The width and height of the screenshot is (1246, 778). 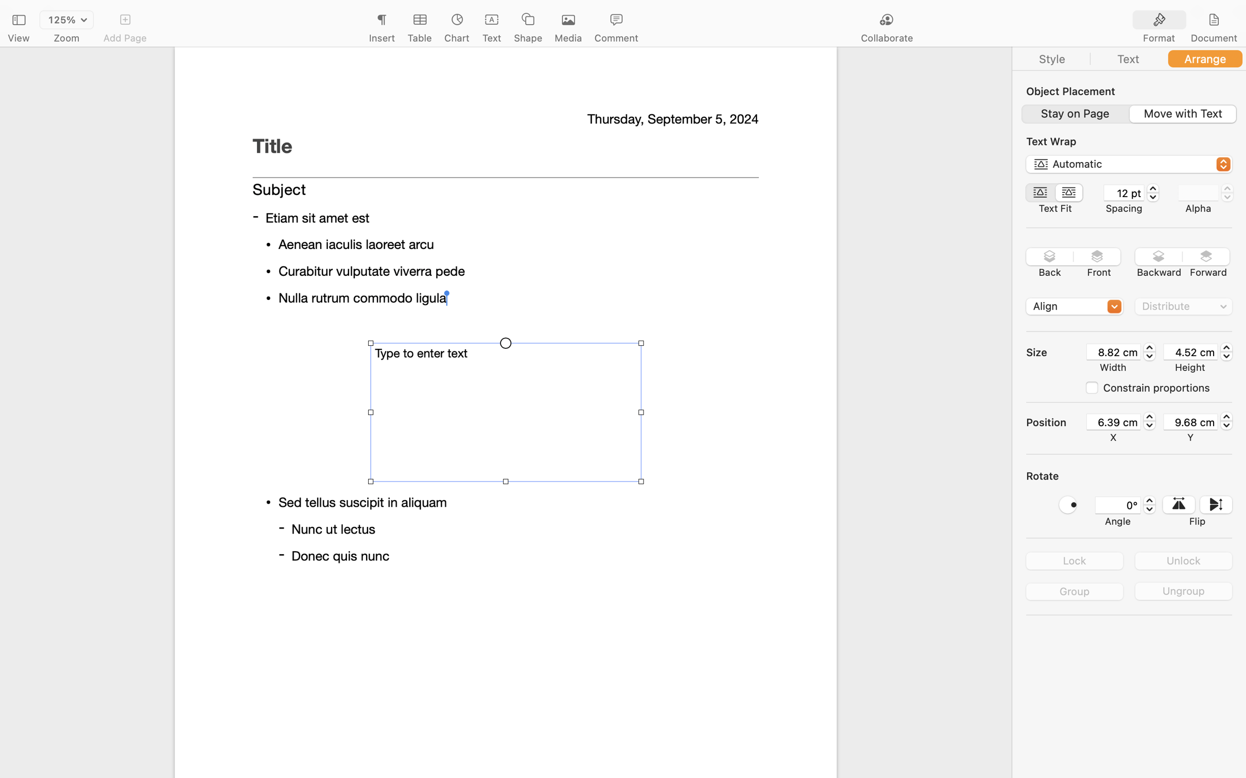 I want to click on '90.0', so click(x=1067, y=504).